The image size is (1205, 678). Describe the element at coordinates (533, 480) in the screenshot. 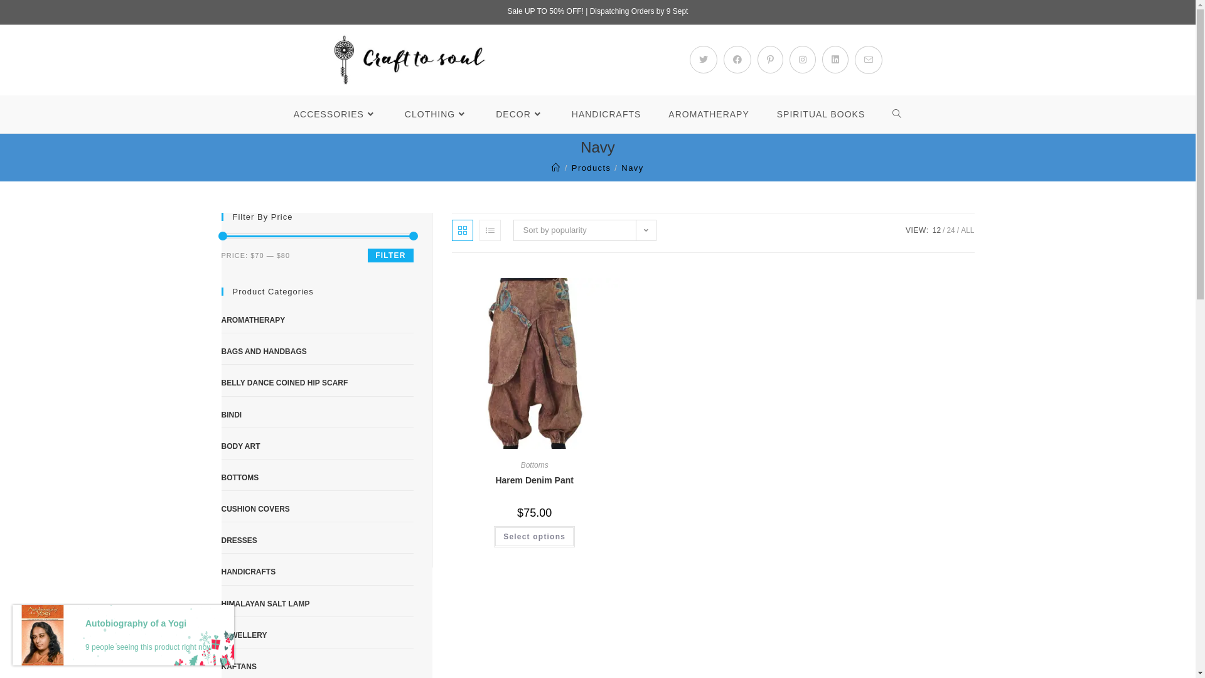

I see `'Harem Denim Pant'` at that location.